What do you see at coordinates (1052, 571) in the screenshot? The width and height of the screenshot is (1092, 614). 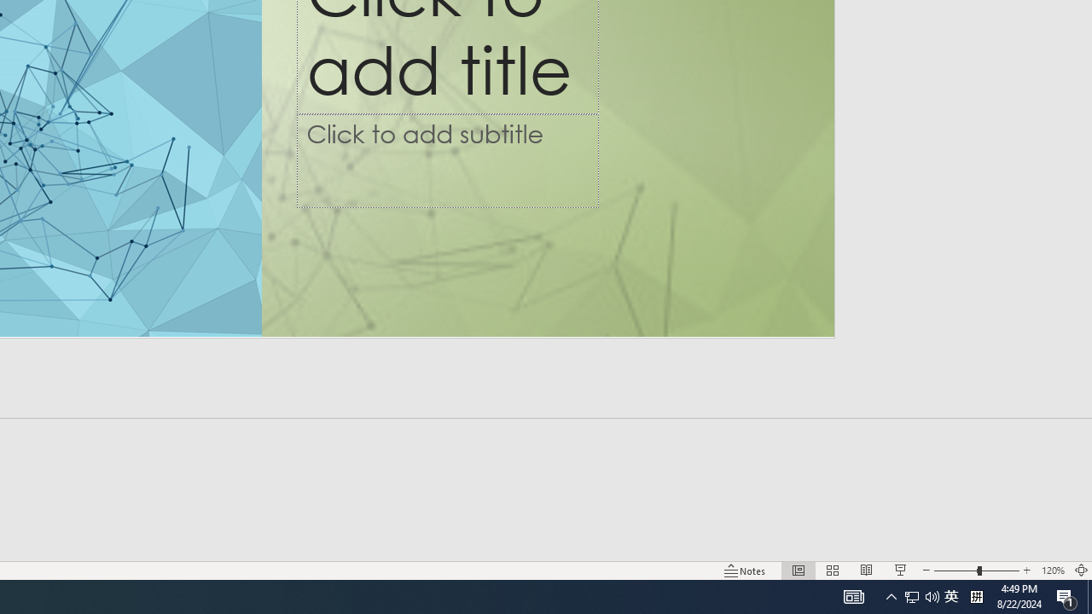 I see `'Zoom 120%'` at bounding box center [1052, 571].